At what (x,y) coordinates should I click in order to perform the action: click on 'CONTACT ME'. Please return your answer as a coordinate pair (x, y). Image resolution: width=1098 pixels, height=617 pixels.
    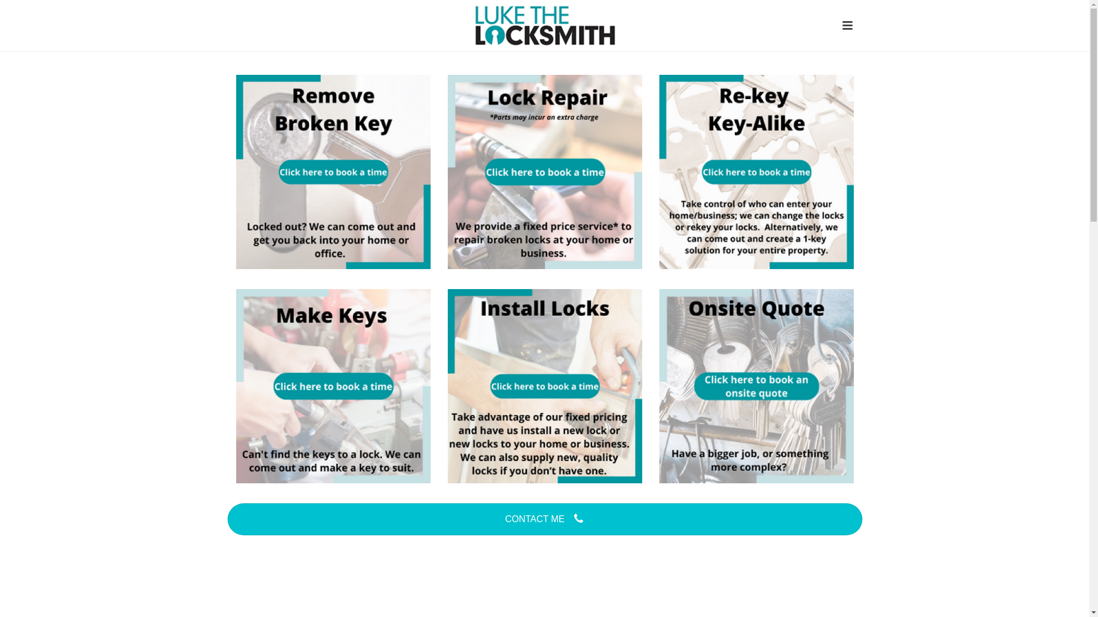
    Looking at the image, I should click on (544, 519).